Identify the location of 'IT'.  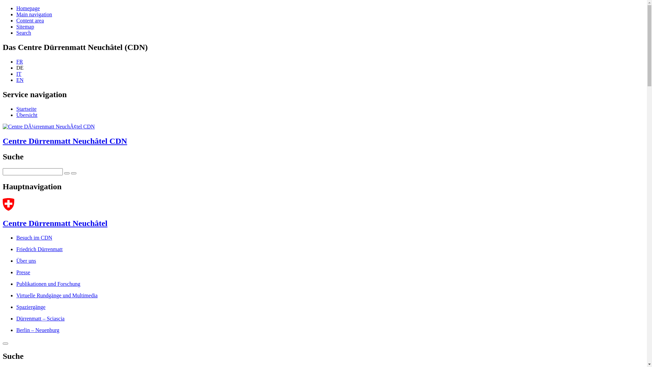
(19, 74).